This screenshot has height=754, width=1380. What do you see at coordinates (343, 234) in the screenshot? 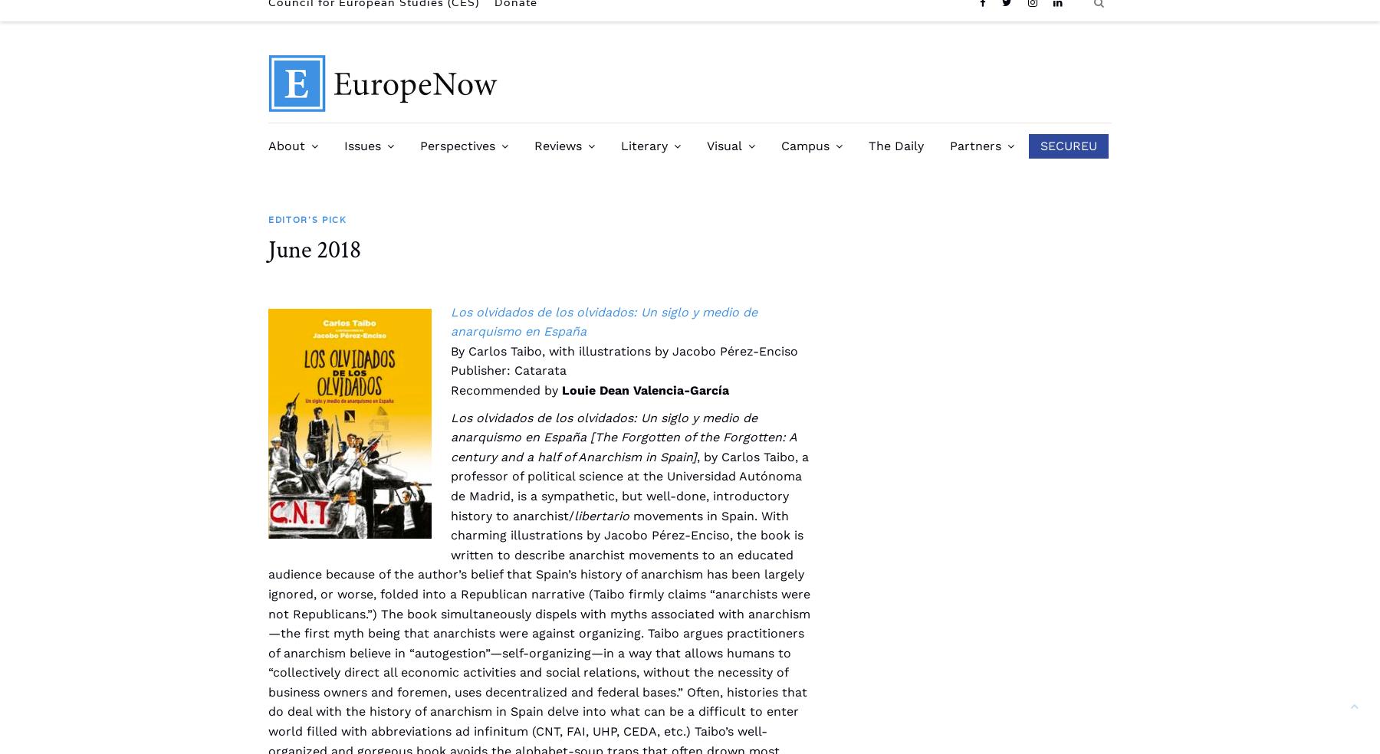
I see `'Past Issues'` at bounding box center [343, 234].